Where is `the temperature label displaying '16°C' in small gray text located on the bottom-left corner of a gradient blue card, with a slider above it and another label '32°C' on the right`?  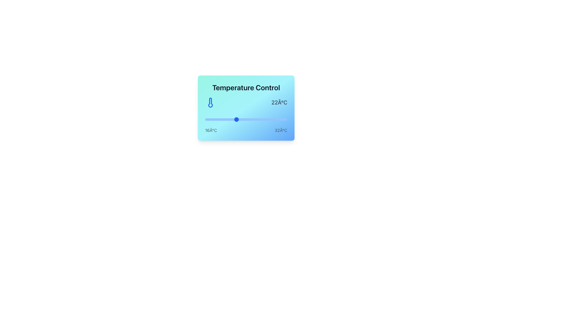 the temperature label displaying '16°C' in small gray text located on the bottom-left corner of a gradient blue card, with a slider above it and another label '32°C' on the right is located at coordinates (211, 130).